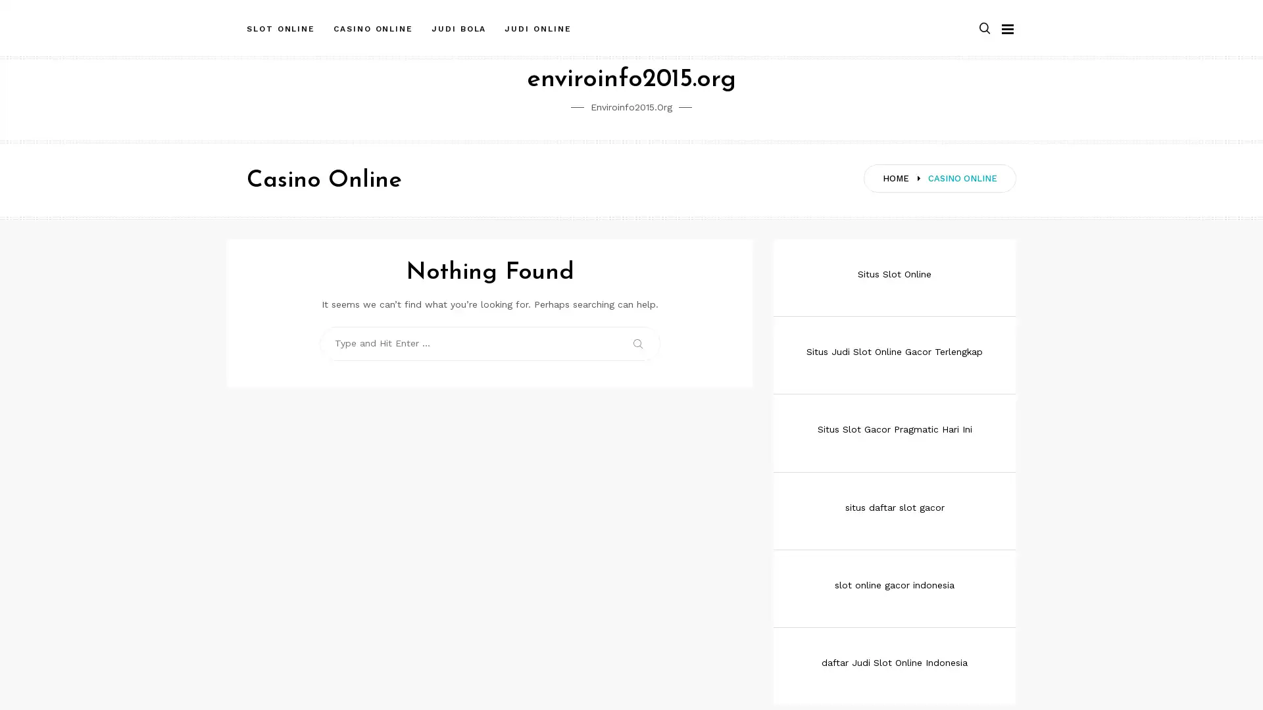  I want to click on Search, so click(638, 343).